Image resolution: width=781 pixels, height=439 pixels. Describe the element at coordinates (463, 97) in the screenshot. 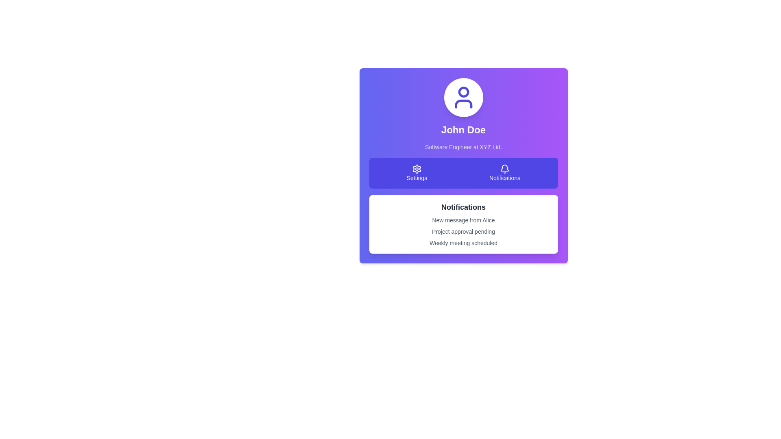

I see `the circular user icon with a white background and a blue human figure, located at the top-center of the profile card above the text 'John Doe' and 'Software Engineer at XYZ Ltd.'` at that location.